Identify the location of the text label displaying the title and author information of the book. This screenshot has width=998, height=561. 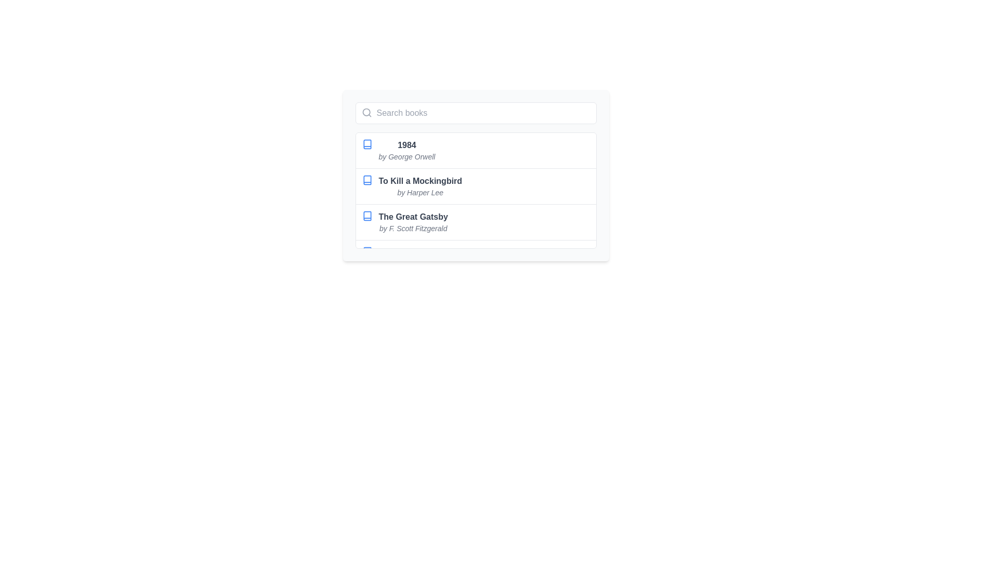
(413, 216).